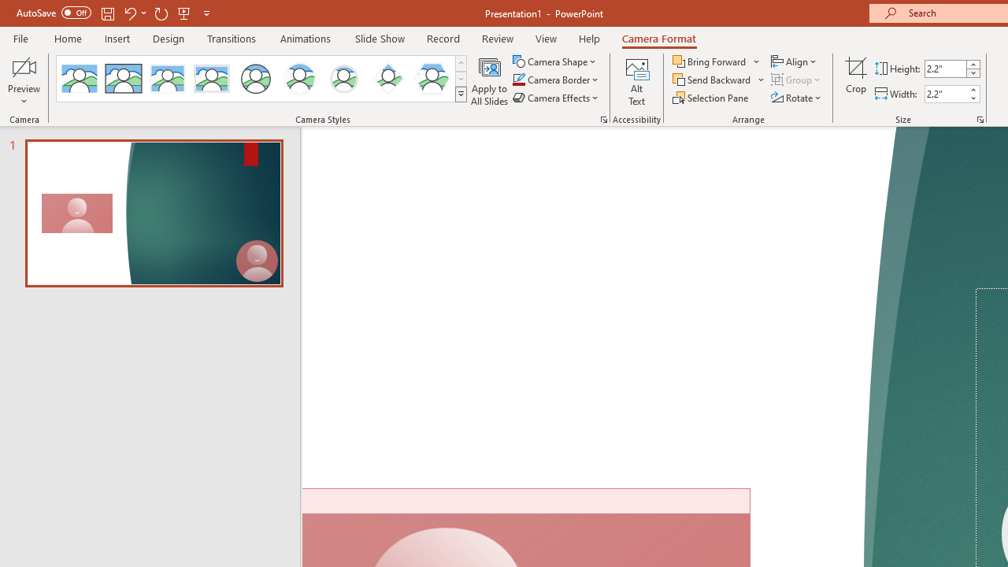 Image resolution: width=1008 pixels, height=567 pixels. I want to click on 'Simple Frame Rectangle', so click(123, 79).